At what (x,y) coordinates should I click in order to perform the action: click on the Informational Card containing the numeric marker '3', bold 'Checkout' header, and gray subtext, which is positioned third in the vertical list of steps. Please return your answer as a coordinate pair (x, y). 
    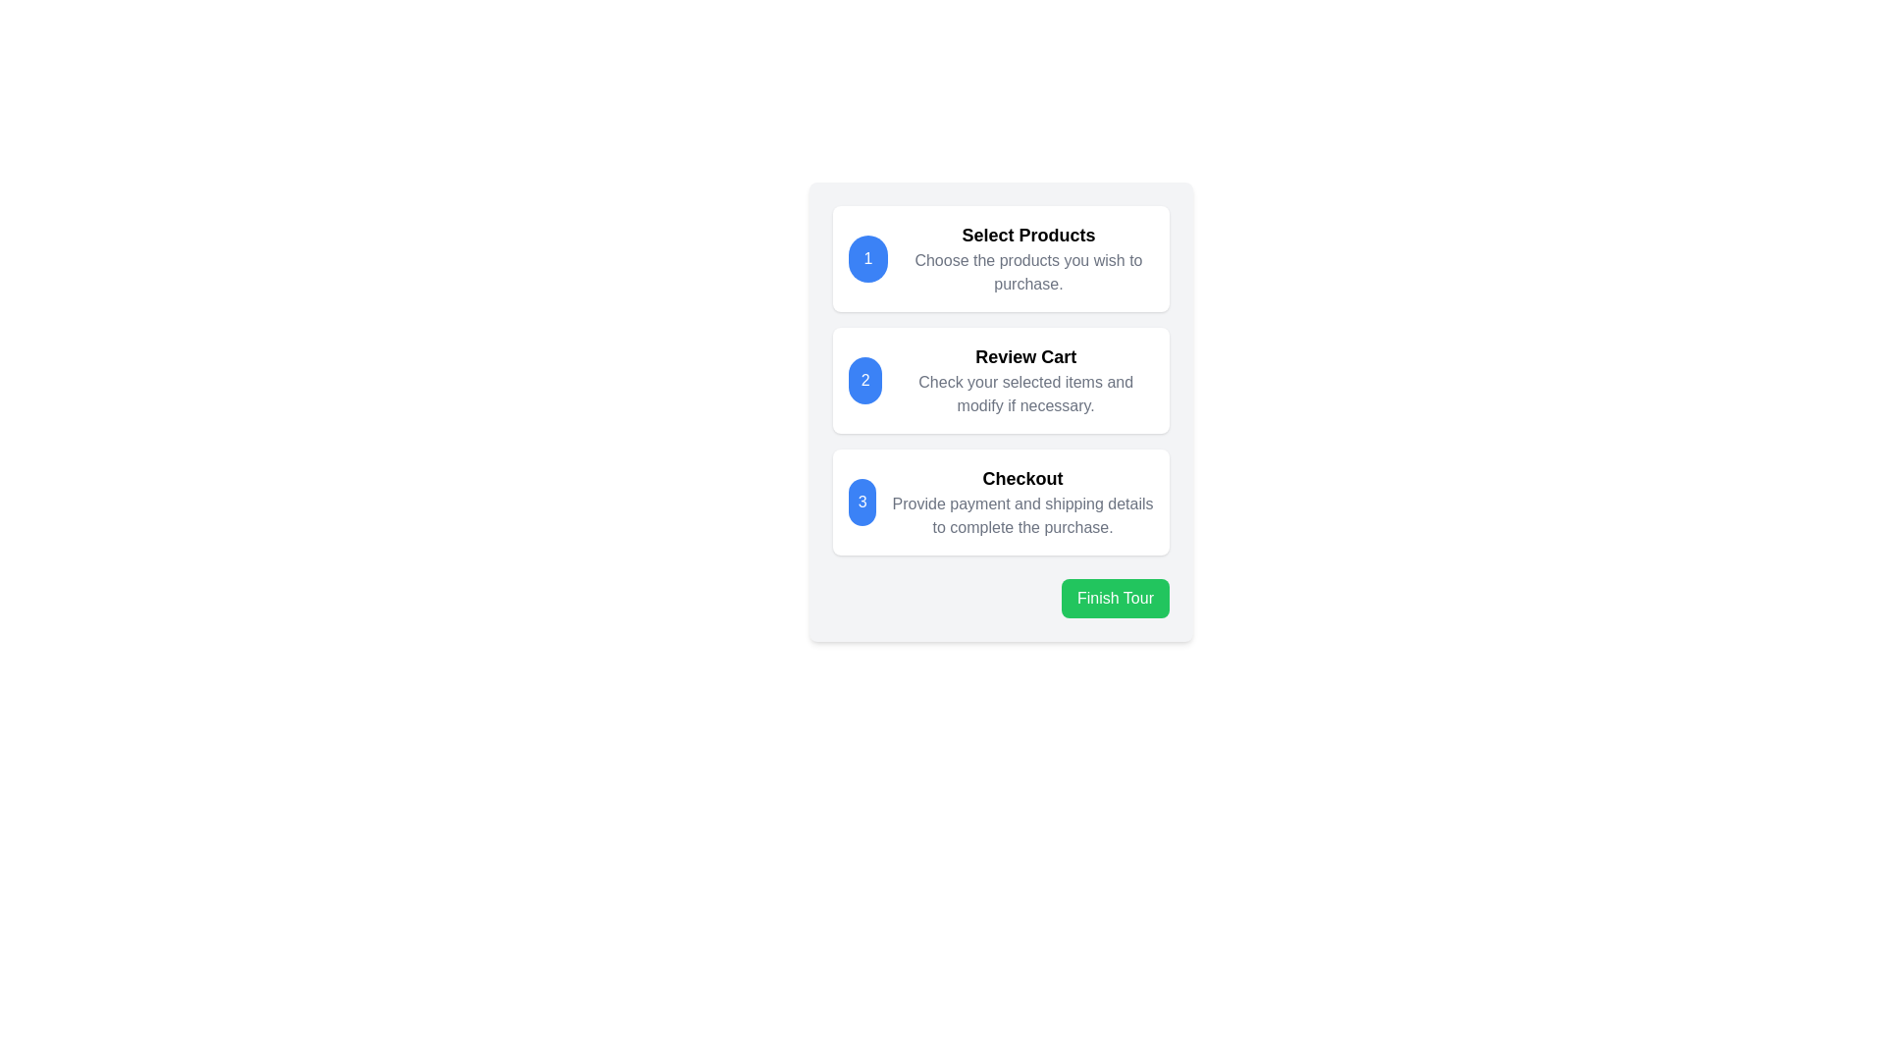
    Looking at the image, I should click on (1001, 502).